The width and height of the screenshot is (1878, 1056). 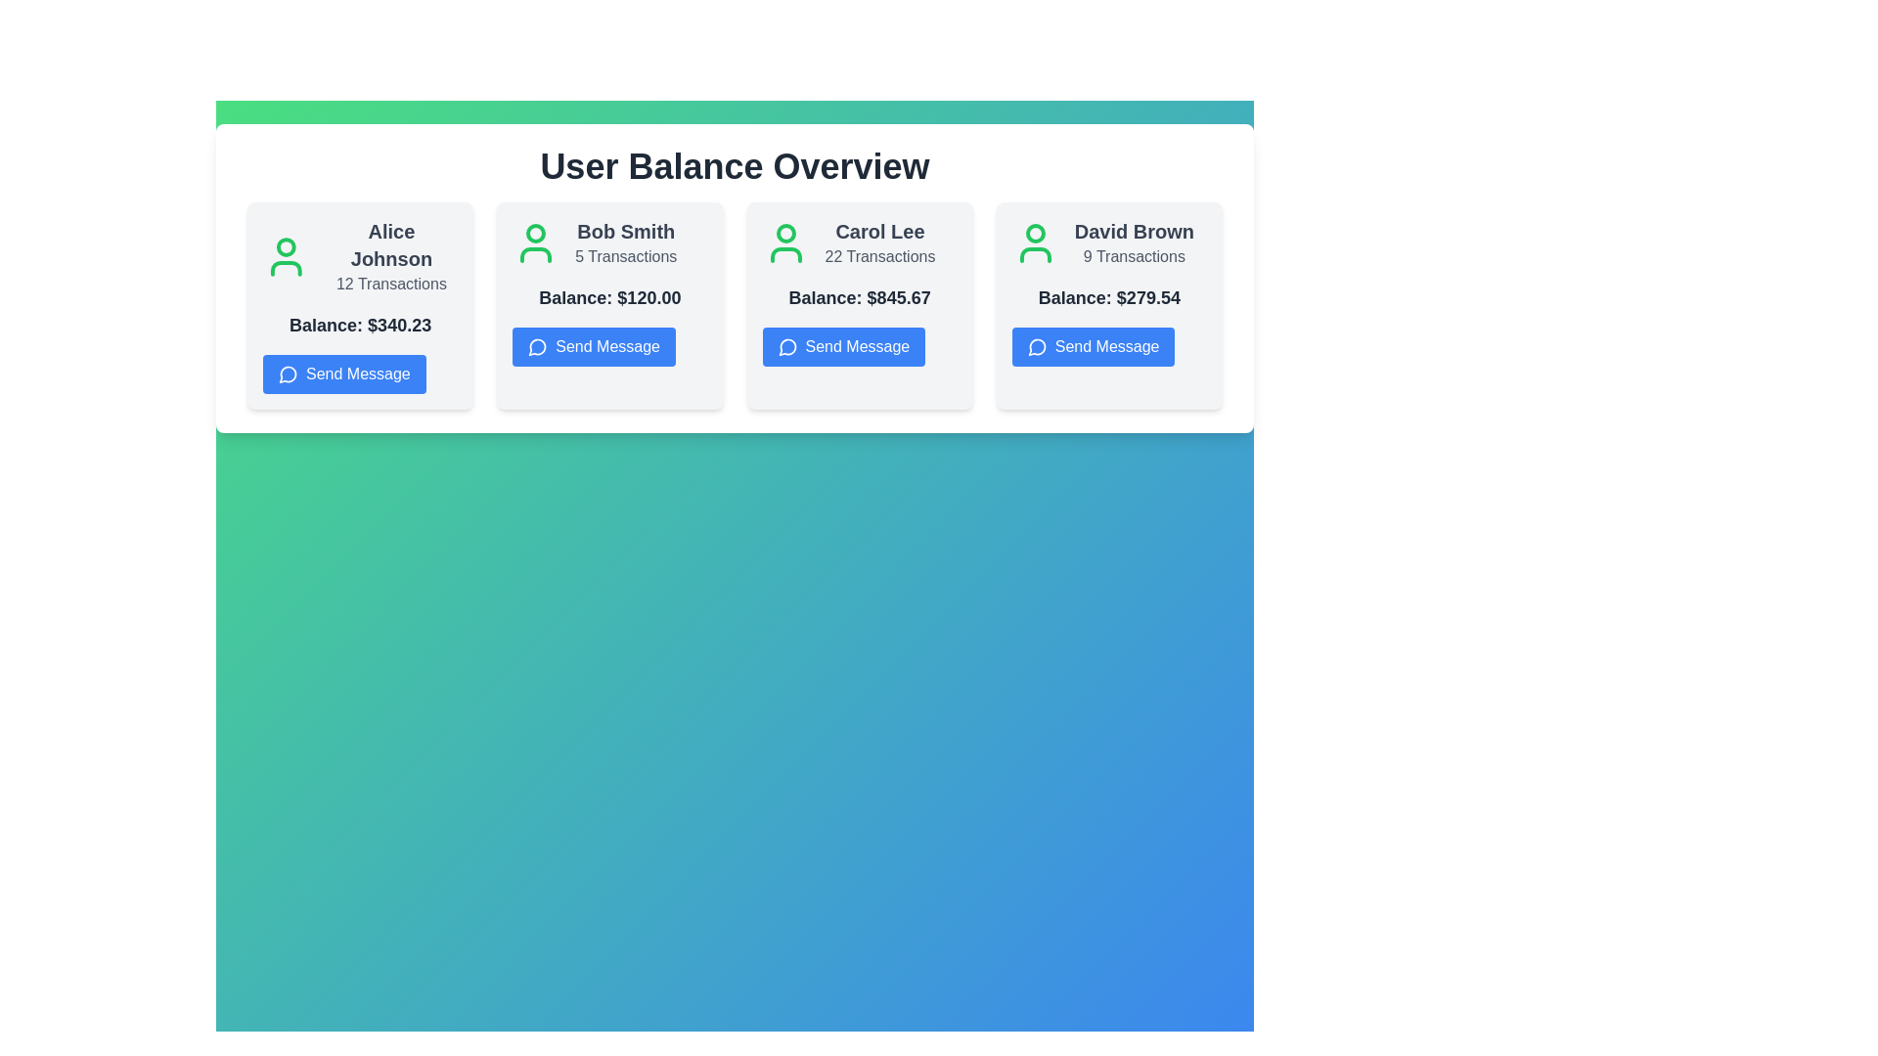 I want to click on the 'Send Message' icon for the user 'David Brown', located in the fourth user card on the rightmost side of the row of user cards, so click(x=1036, y=346).